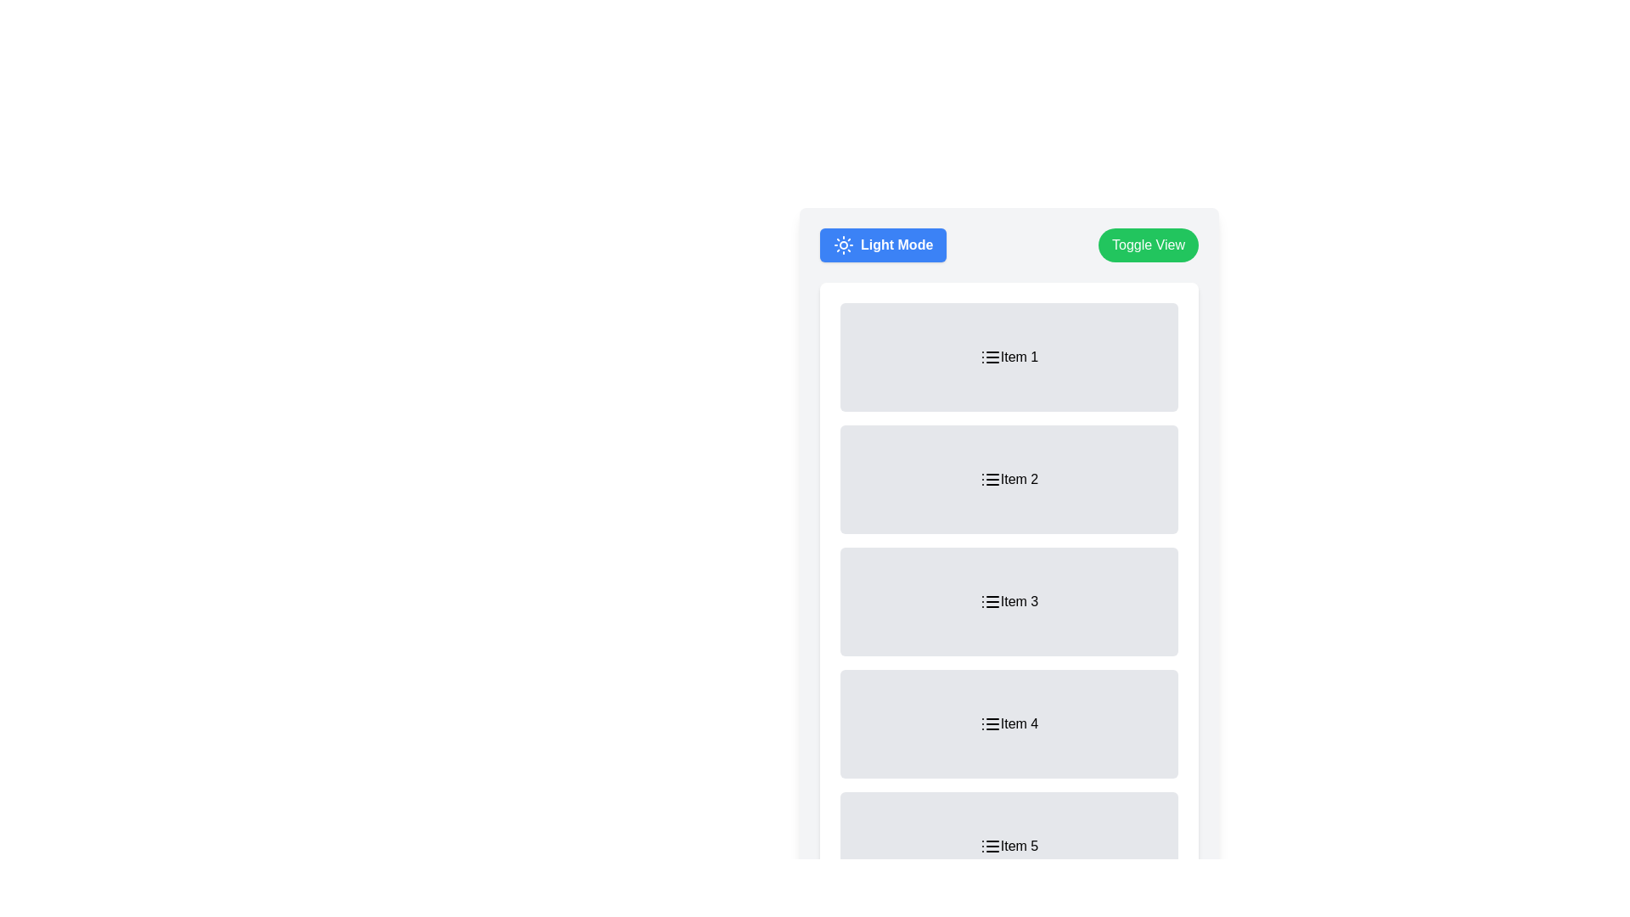 This screenshot has height=917, width=1630. Describe the element at coordinates (990, 601) in the screenshot. I see `the icon with three horizontal lines located in the top-left corner of the card labeled 'Item 3'` at that location.